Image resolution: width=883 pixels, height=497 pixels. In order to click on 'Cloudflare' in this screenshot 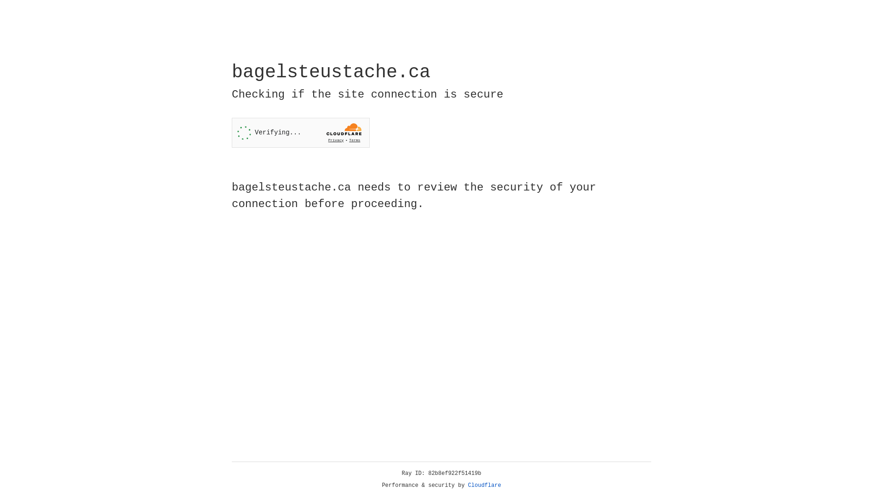, I will do `click(484, 485)`.